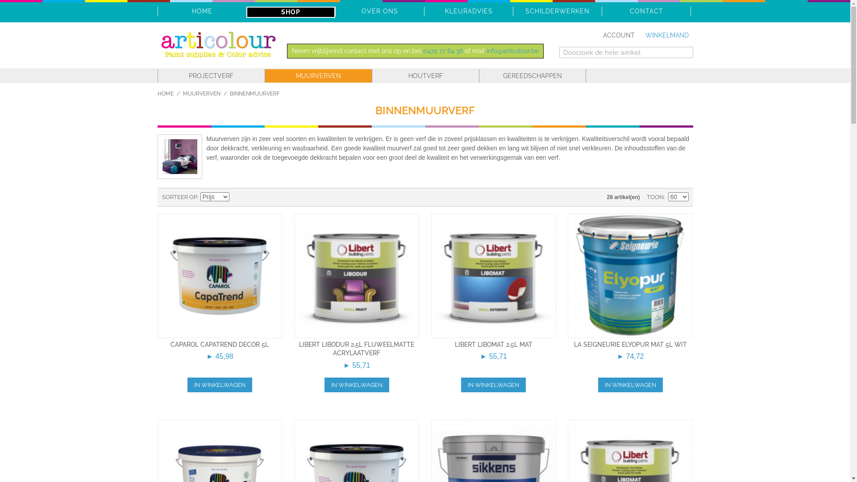 Image resolution: width=857 pixels, height=482 pixels. Describe the element at coordinates (461, 384) in the screenshot. I see `'IN WINKELWAGEN'` at that location.